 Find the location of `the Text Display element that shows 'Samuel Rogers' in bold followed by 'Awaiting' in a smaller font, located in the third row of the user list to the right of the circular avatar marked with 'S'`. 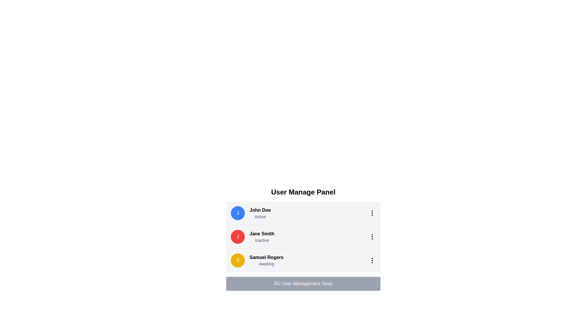

the Text Display element that shows 'Samuel Rogers' in bold followed by 'Awaiting' in a smaller font, located in the third row of the user list to the right of the circular avatar marked with 'S' is located at coordinates (266, 260).